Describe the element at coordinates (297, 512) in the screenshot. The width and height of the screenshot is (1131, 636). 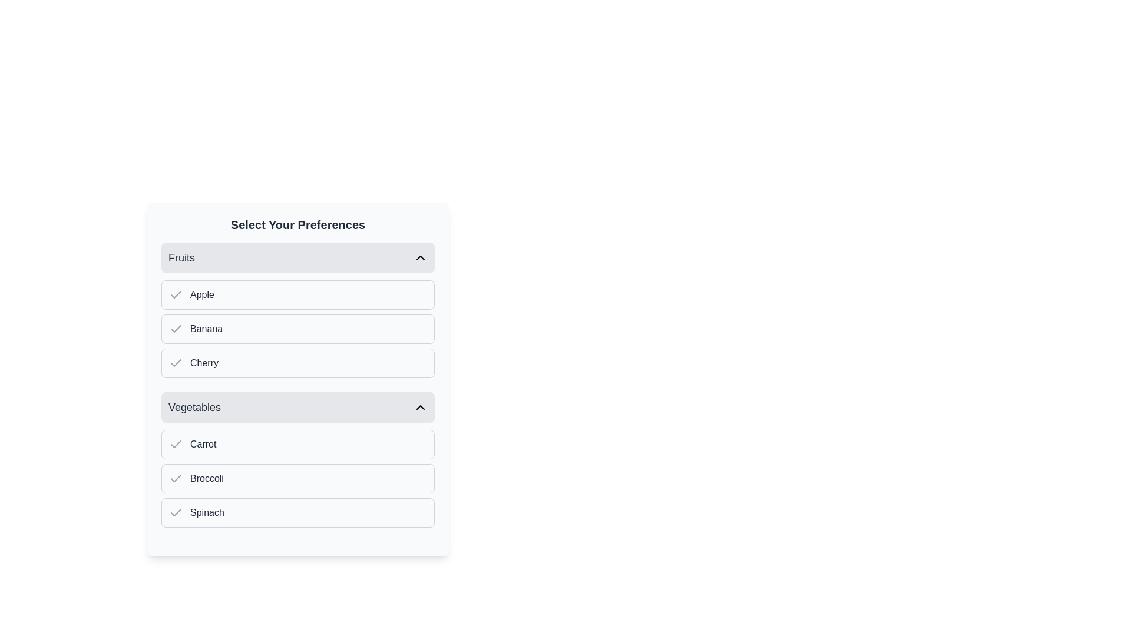
I see `the selectable list item labeled 'Spinach', which is the third item in the 'Vegetables' section, currently indicated as selected with a checkmark` at that location.